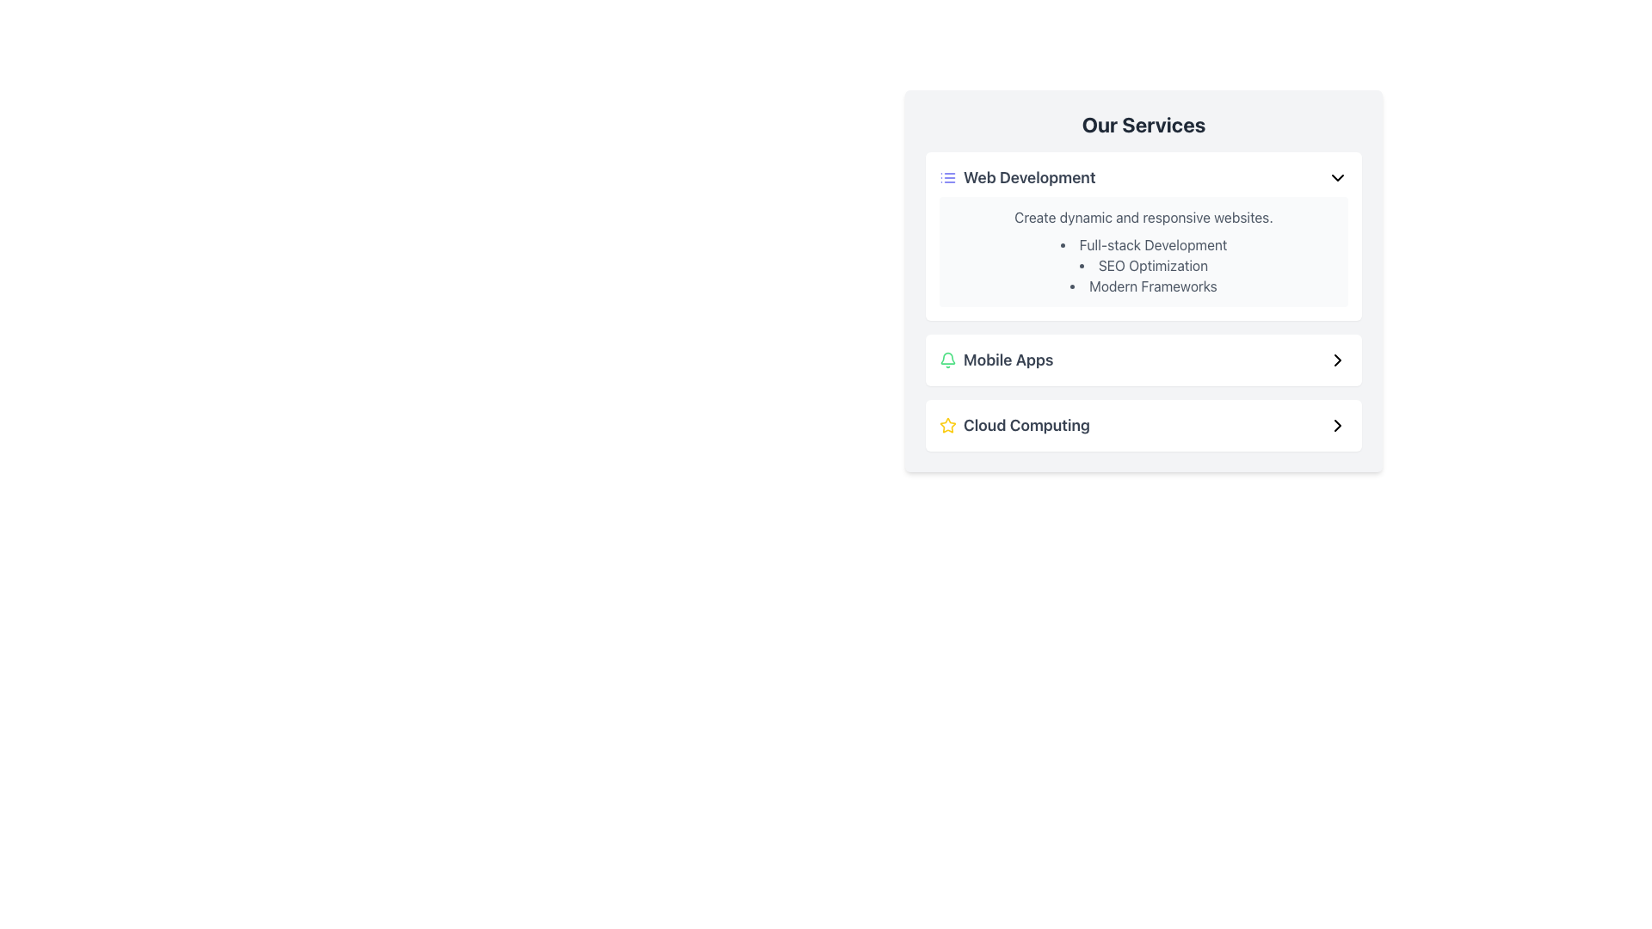 The width and height of the screenshot is (1652, 929). I want to click on the notification icon located to the left of the 'Mobile Apps' text within the Mobile Apps section, so click(947, 360).